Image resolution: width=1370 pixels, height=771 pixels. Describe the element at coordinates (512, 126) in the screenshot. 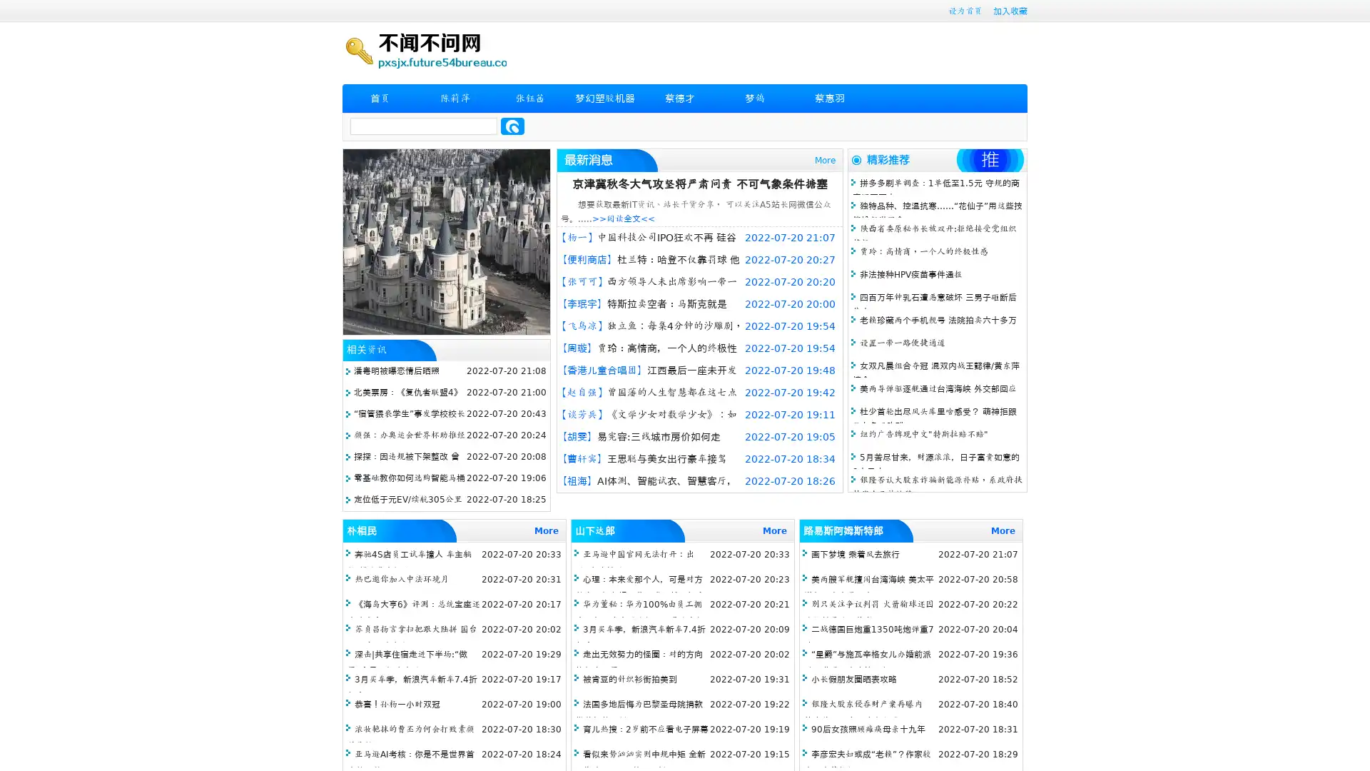

I see `Search` at that location.